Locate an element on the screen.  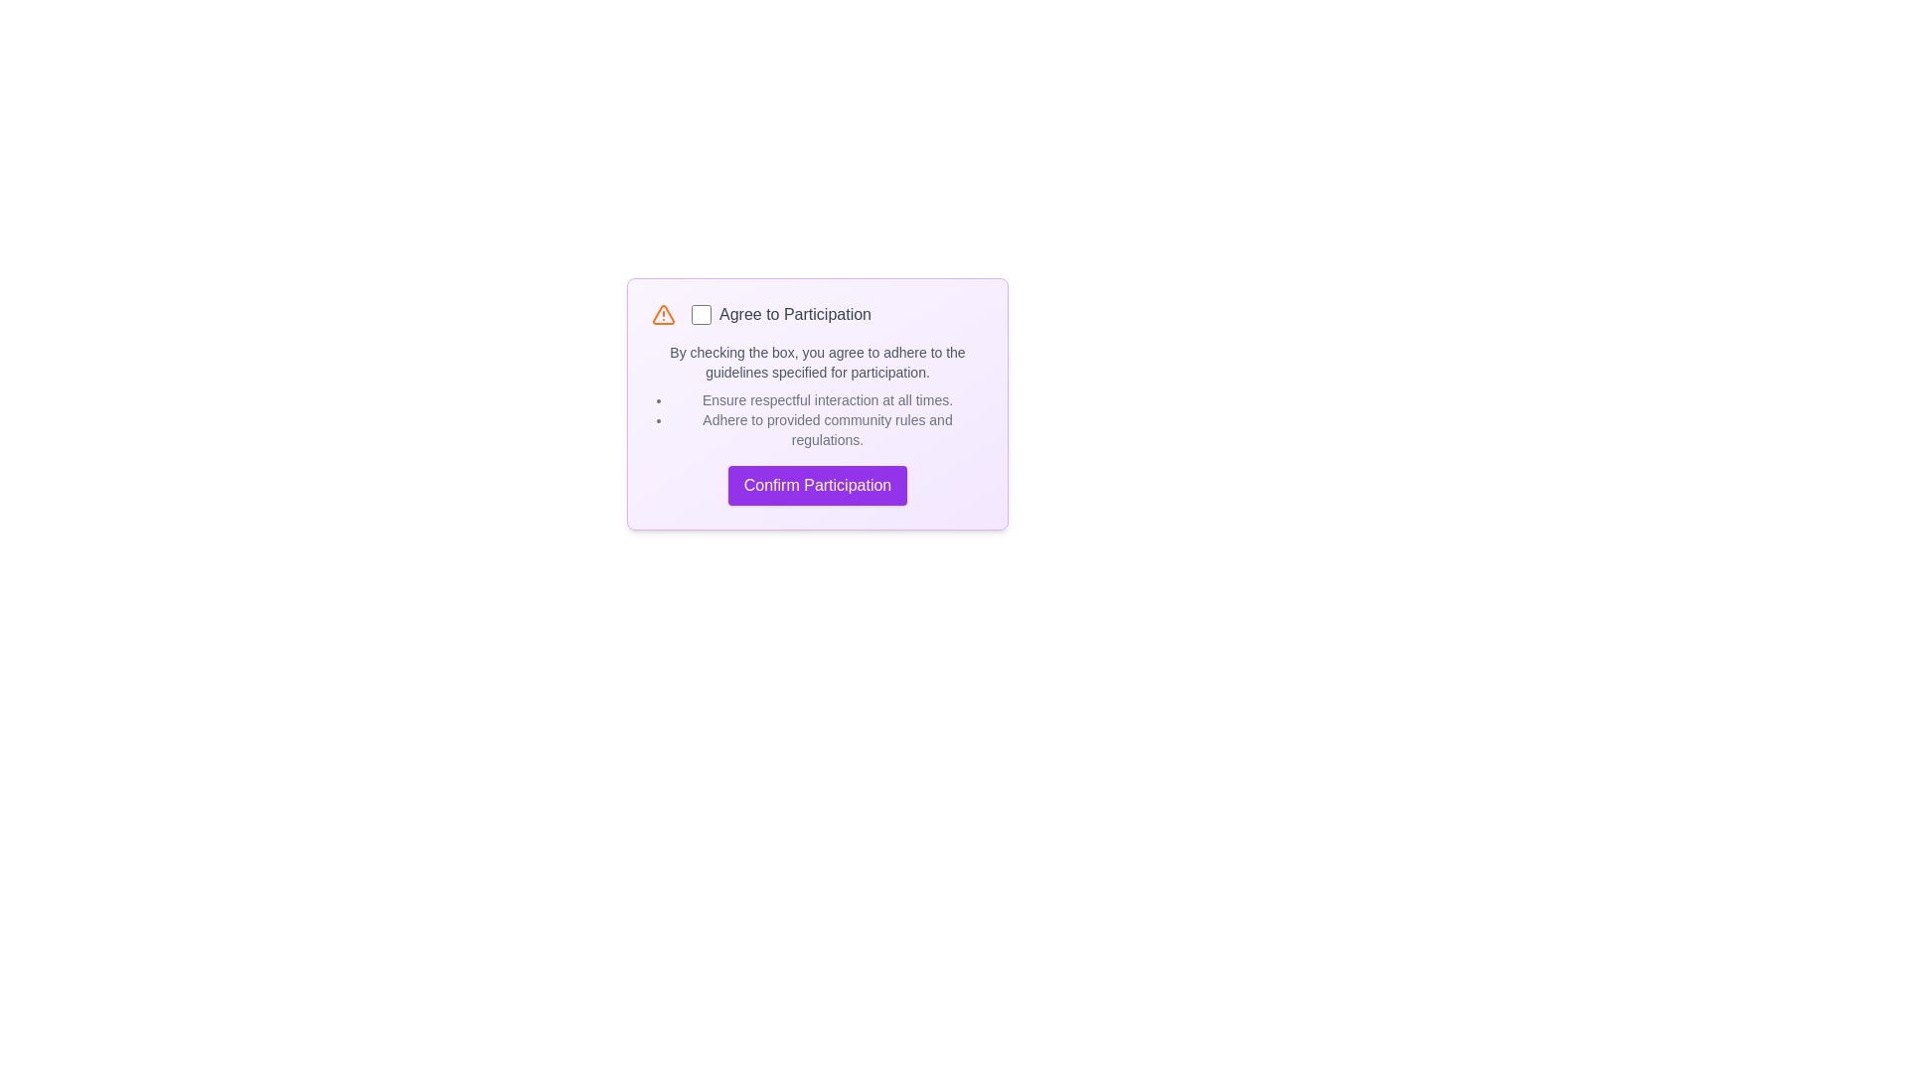
the Text block located in the middle section of the card-like panel, which informs the user about necessary guidelines and responsibilities to proceed is located at coordinates (817, 395).